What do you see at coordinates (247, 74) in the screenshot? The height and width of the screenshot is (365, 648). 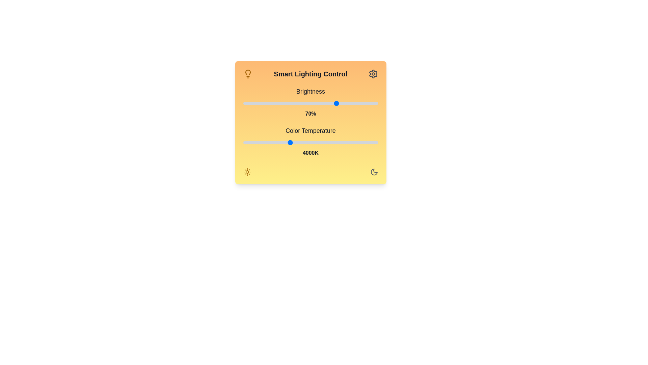 I see `Lightbulb icon to access related features` at bounding box center [247, 74].